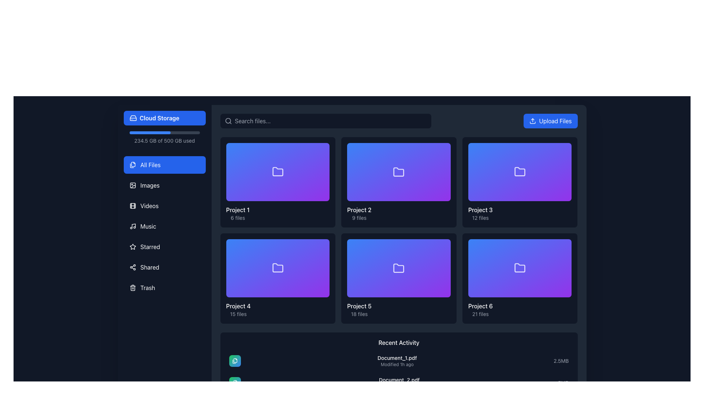 The image size is (703, 395). I want to click on the interactive button associated with 'Project 5', so click(444, 310).